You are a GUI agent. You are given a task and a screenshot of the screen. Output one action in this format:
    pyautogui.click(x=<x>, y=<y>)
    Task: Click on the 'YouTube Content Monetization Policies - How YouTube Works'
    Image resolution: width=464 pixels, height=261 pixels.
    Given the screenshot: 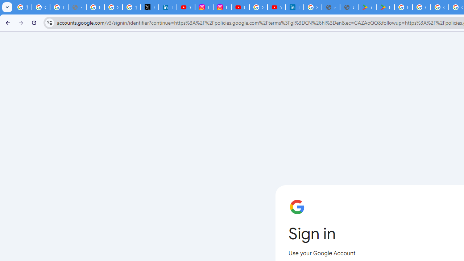 What is the action you would take?
    pyautogui.click(x=186, y=7)
    